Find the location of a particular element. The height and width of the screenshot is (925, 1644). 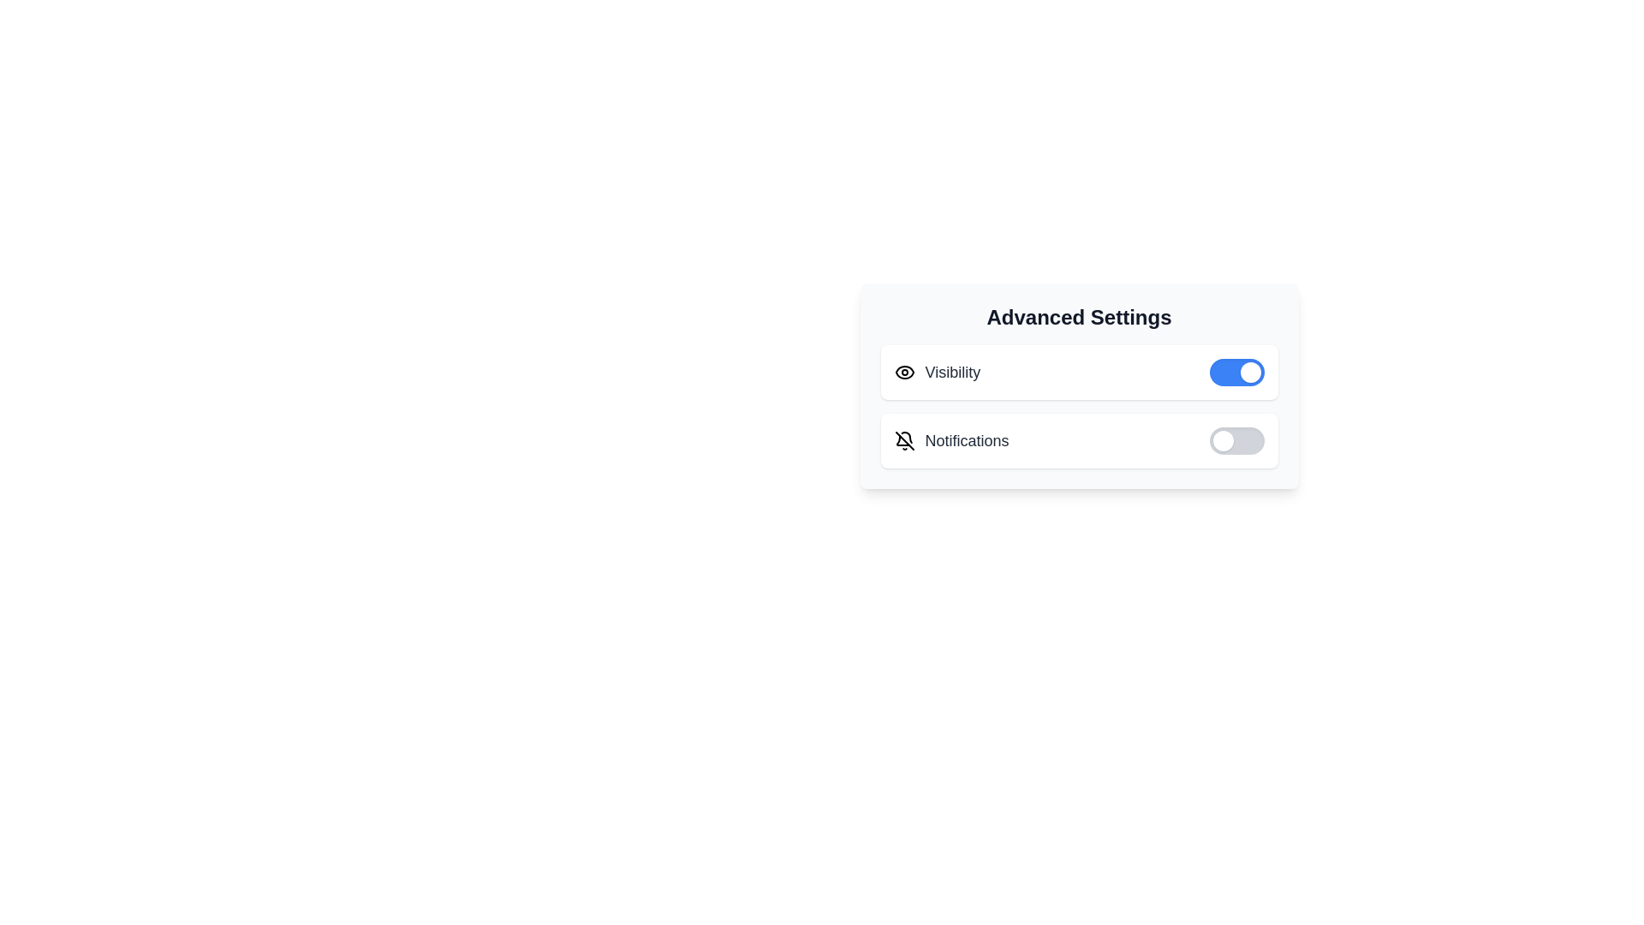

the 'Visibility' section to inspect its label and icon is located at coordinates (936, 372).